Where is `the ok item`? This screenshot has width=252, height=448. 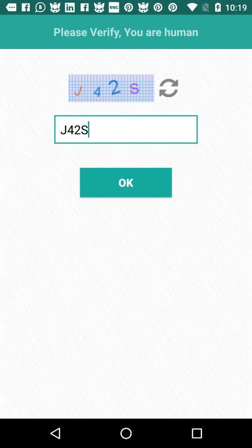 the ok item is located at coordinates (126, 182).